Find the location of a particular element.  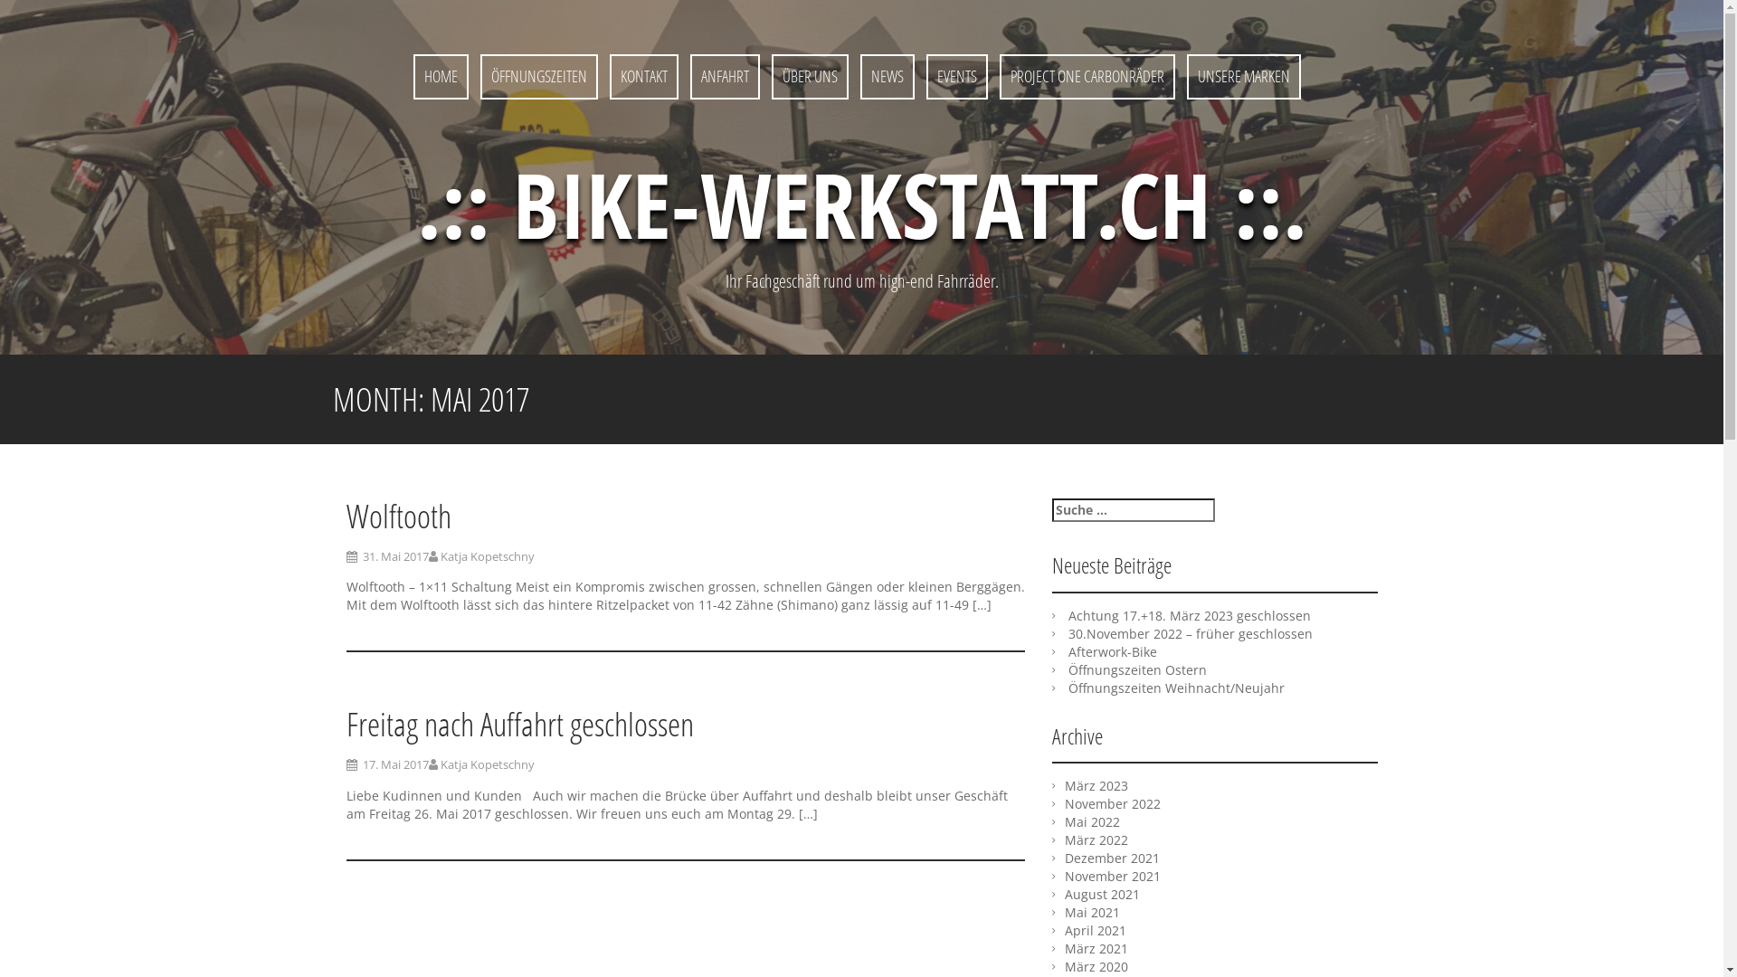

'ANFAHRT' is located at coordinates (725, 75).